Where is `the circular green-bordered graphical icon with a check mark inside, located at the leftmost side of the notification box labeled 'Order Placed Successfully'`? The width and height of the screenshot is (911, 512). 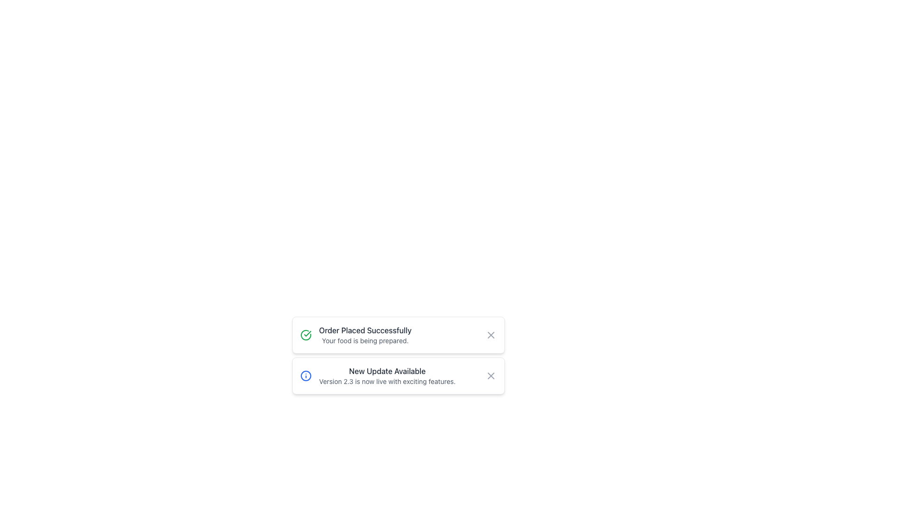 the circular green-bordered graphical icon with a check mark inside, located at the leftmost side of the notification box labeled 'Order Placed Successfully' is located at coordinates (306, 334).